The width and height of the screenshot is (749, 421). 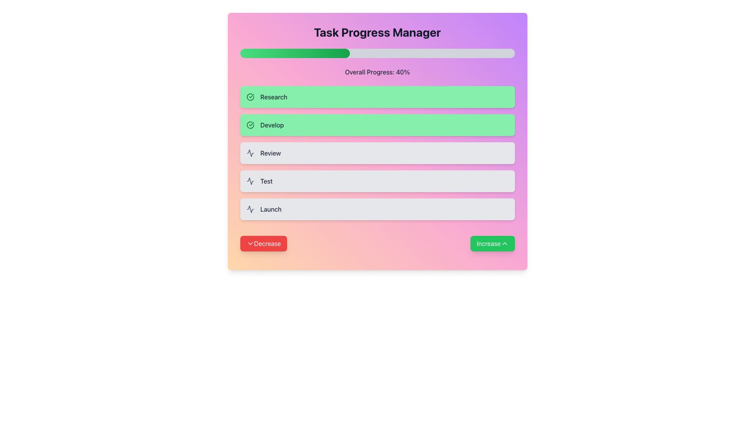 What do you see at coordinates (270, 153) in the screenshot?
I see `the text label indicating the current task status as 'Review', which is the third item in a vertically stacked list of tasks` at bounding box center [270, 153].